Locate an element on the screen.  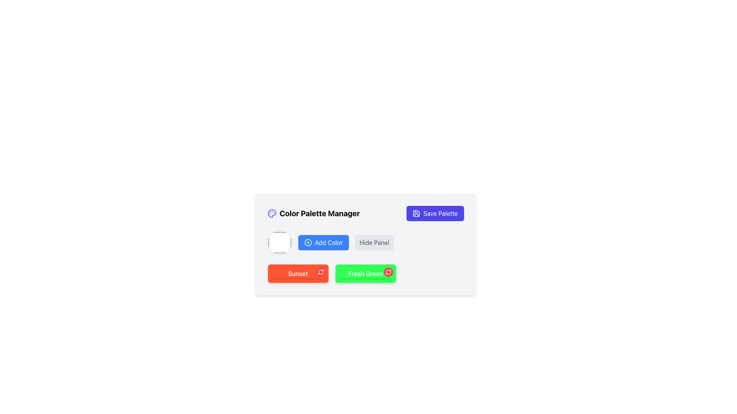
the text label displaying 'Fresh Green', which is styled in white on a vibrant green background, and is located to the right of the 'Sunset' button is located at coordinates (365, 273).